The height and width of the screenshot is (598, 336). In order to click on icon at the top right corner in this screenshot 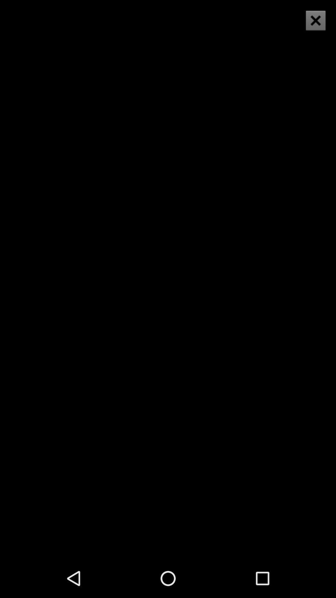, I will do `click(315, 20)`.